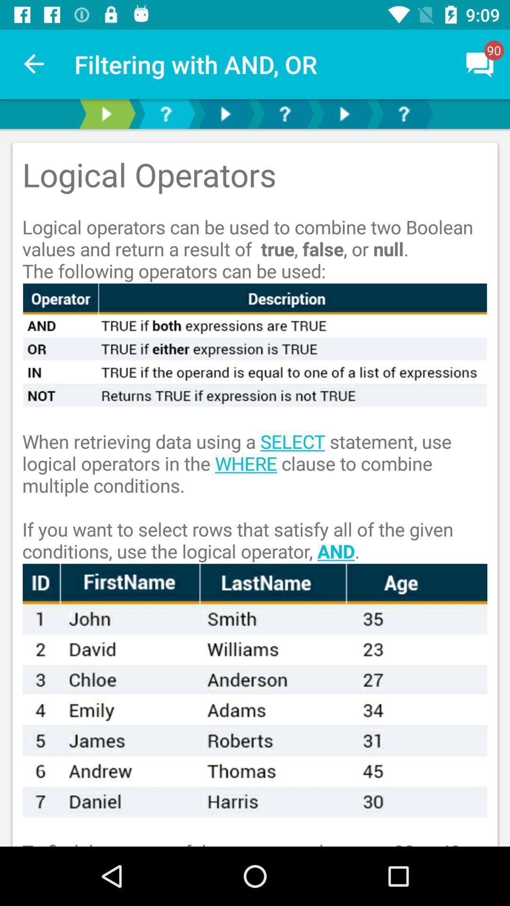 This screenshot has width=510, height=906. What do you see at coordinates (404, 113) in the screenshot?
I see `click for help` at bounding box center [404, 113].